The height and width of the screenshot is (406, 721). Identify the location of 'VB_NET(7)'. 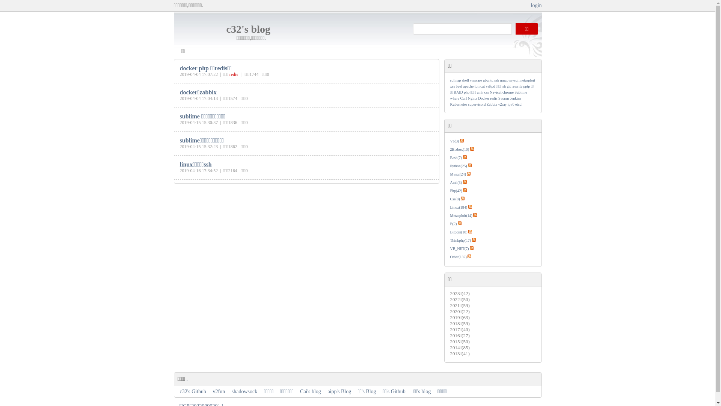
(459, 248).